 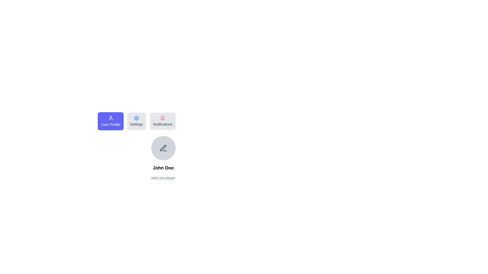 What do you see at coordinates (163, 148) in the screenshot?
I see `the edit icon located centrally within the circular gray background above the user profile name and title` at bounding box center [163, 148].